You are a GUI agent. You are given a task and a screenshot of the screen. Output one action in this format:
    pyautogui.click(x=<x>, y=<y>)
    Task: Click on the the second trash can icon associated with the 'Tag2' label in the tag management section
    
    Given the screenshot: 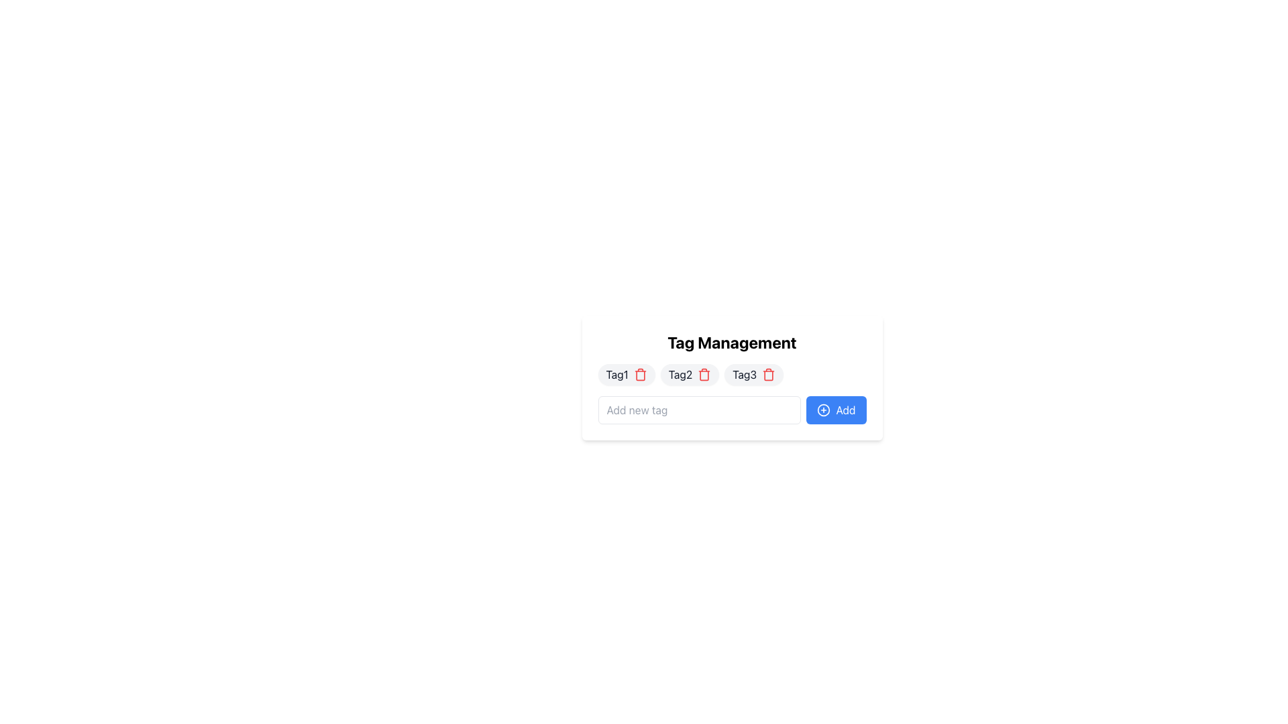 What is the action you would take?
    pyautogui.click(x=704, y=375)
    